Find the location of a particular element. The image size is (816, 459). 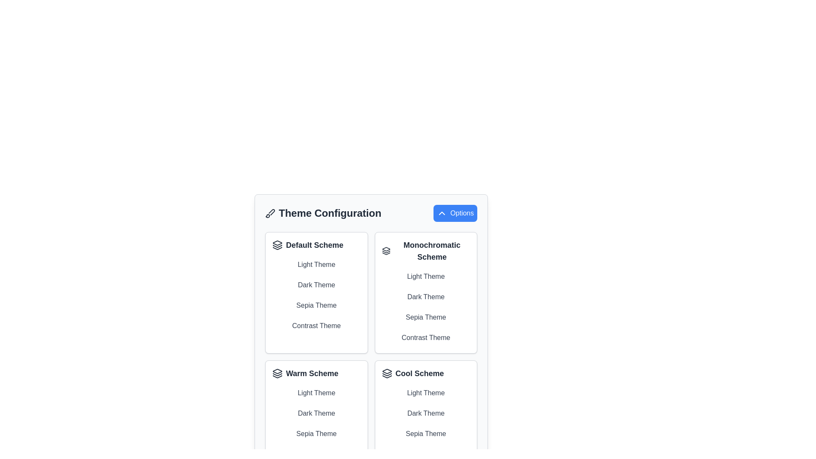

the middle vertical list of selectable items in the 'Default Scheme' section is located at coordinates (316, 295).